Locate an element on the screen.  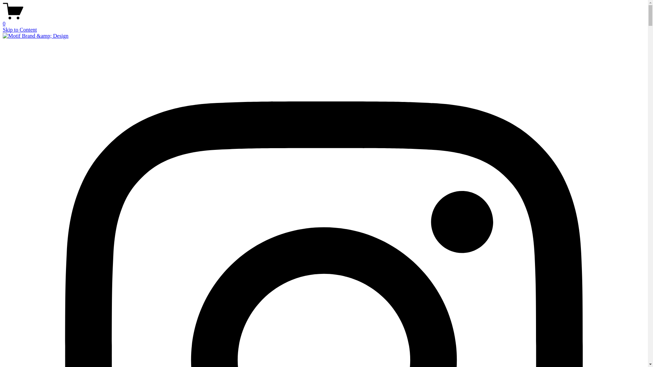
'Skip to Content' is located at coordinates (19, 29).